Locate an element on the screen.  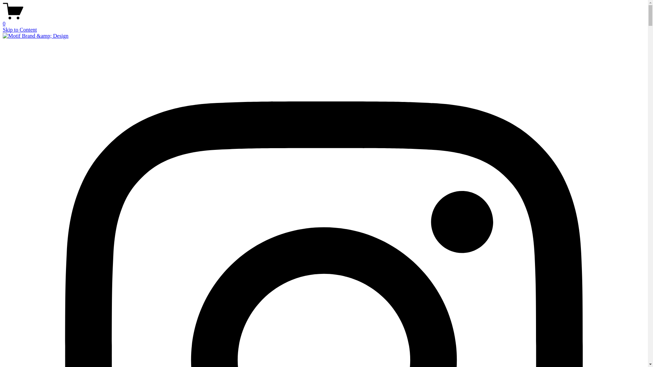
'Skip to Content' is located at coordinates (19, 29).